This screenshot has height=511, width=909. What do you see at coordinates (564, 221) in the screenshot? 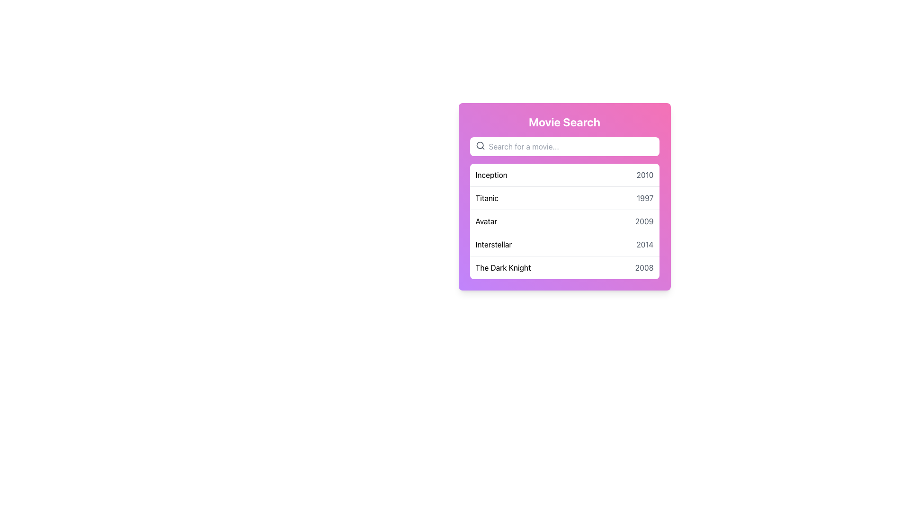
I see `the third selectable list item displaying the movie title 'Avatar' and its release year '2009' to change its background color` at bounding box center [564, 221].